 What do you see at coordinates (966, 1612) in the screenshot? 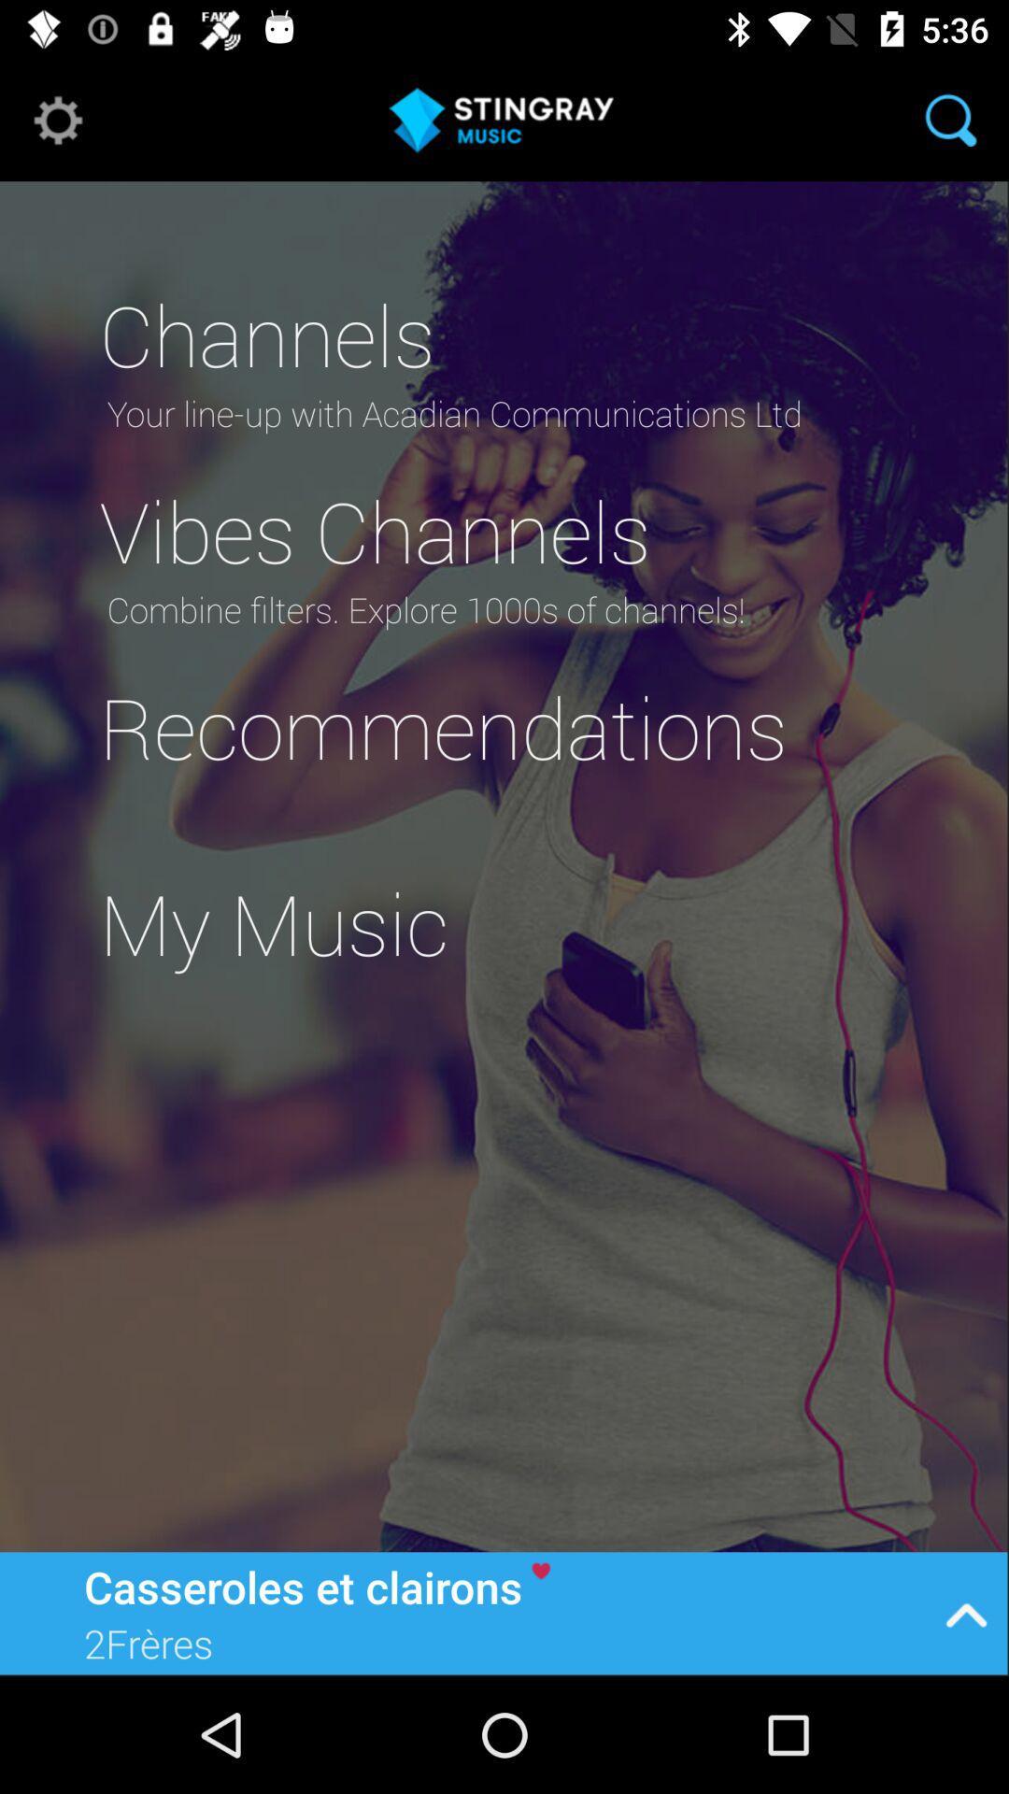
I see `the expand_less icon` at bounding box center [966, 1612].